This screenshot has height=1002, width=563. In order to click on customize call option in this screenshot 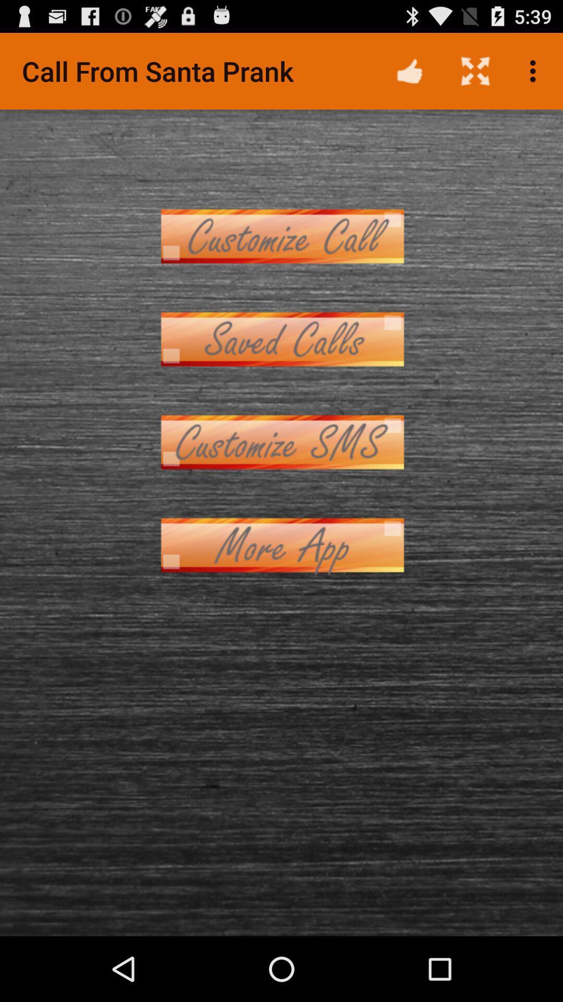, I will do `click(281, 235)`.